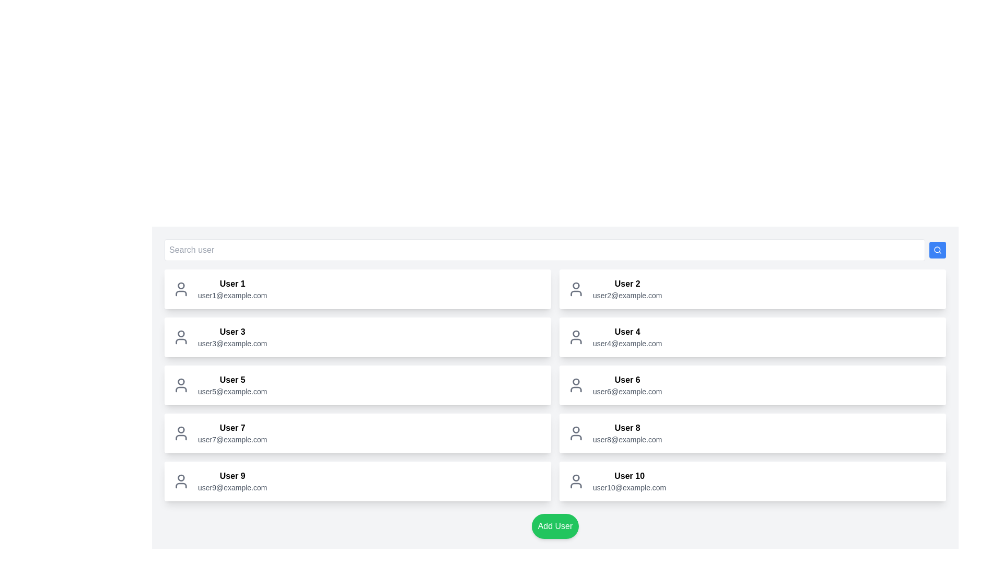 The height and width of the screenshot is (564, 1003). Describe the element at coordinates (752, 481) in the screenshot. I see `the user's profile card located in the second column, fifth row of the grid, below the 'User 8' card` at that location.